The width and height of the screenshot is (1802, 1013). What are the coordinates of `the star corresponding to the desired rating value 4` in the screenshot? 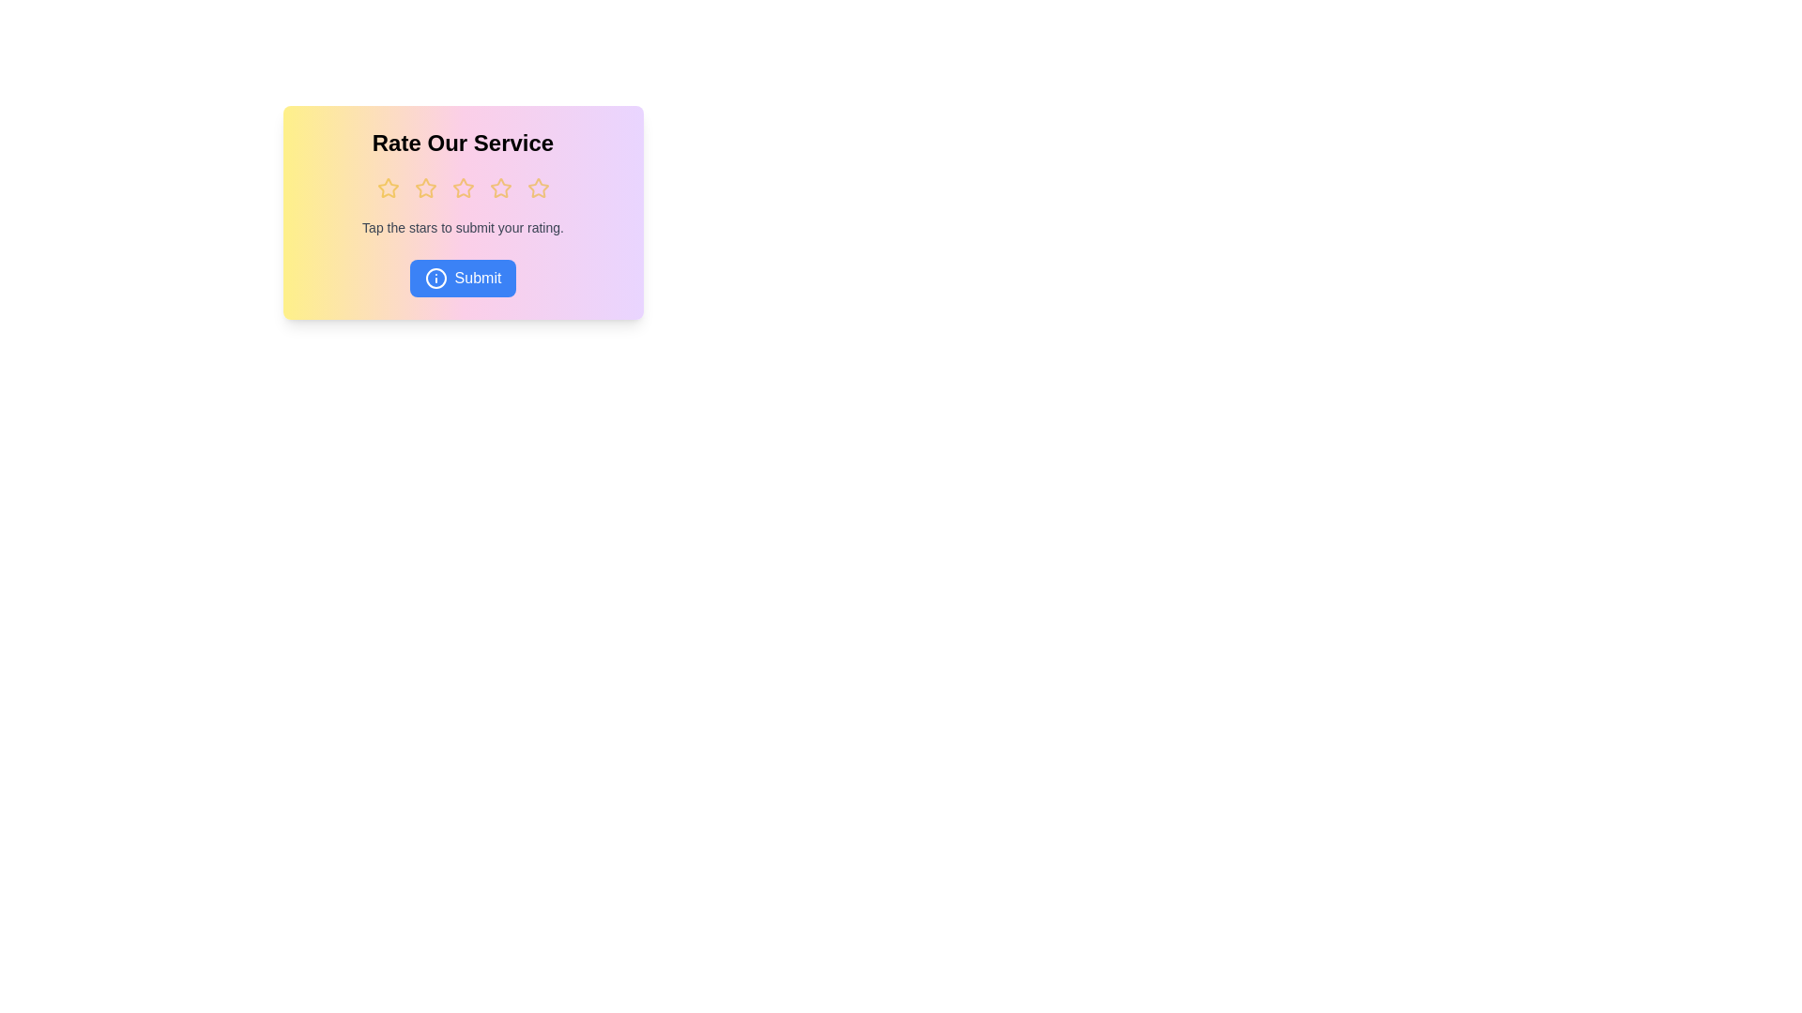 It's located at (500, 188).